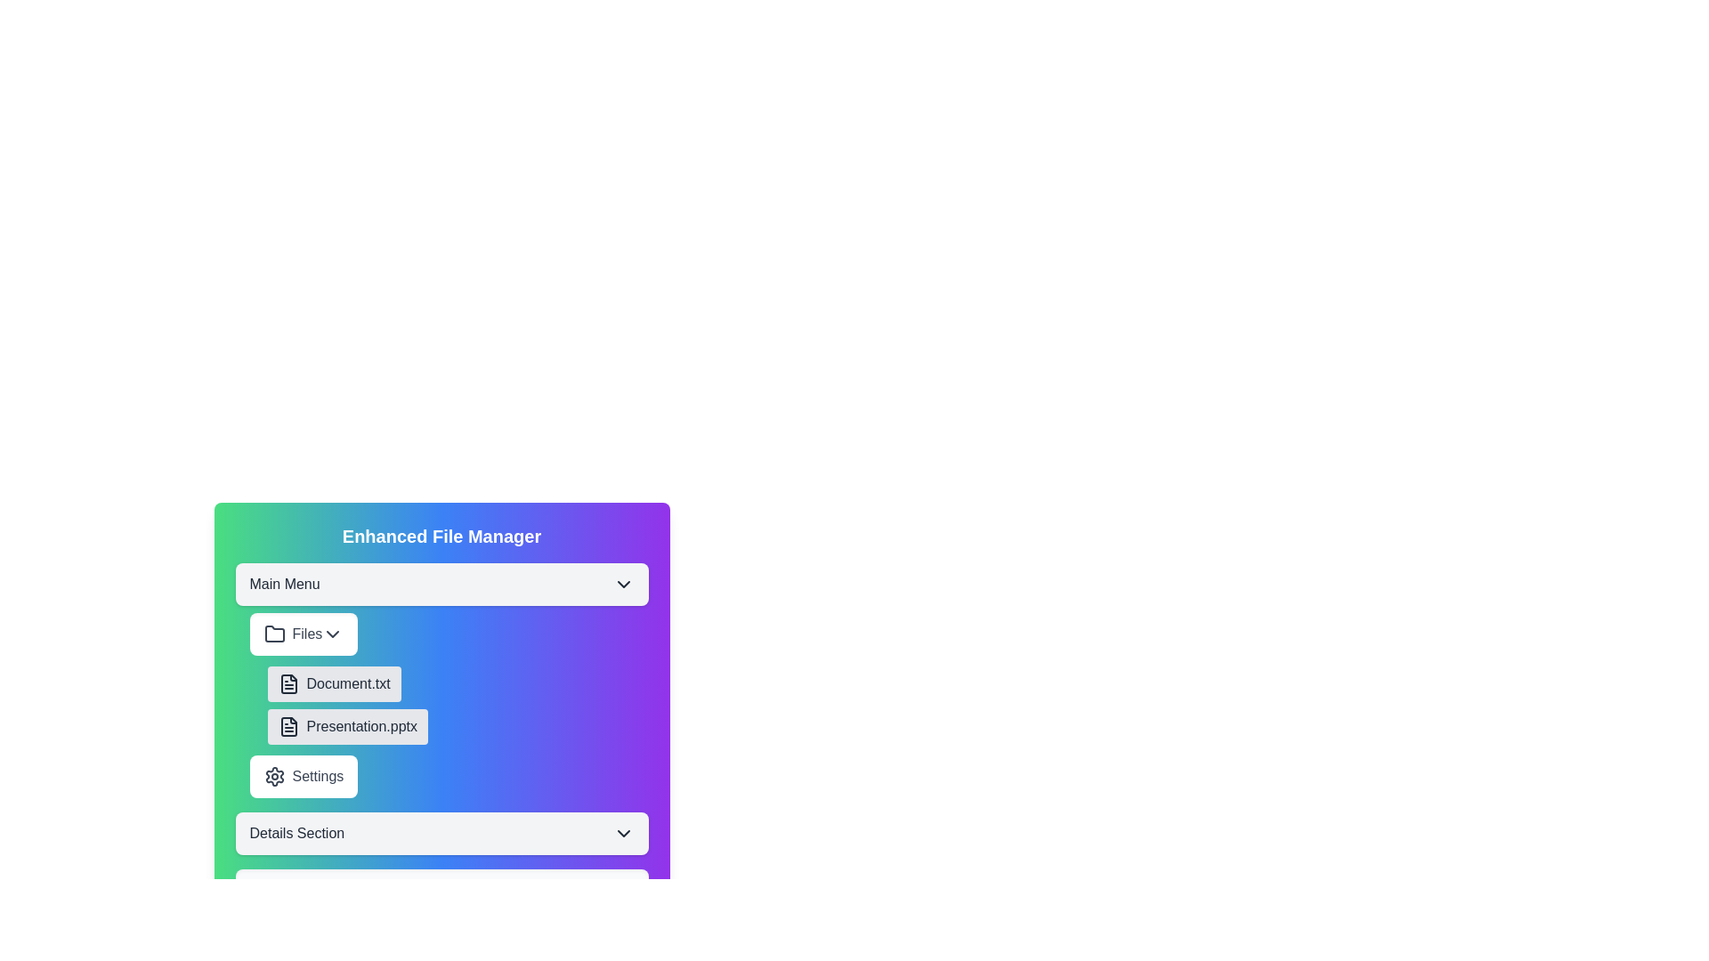 The width and height of the screenshot is (1709, 961). Describe the element at coordinates (304, 634) in the screenshot. I see `the Expandable button with accompanying icons` at that location.